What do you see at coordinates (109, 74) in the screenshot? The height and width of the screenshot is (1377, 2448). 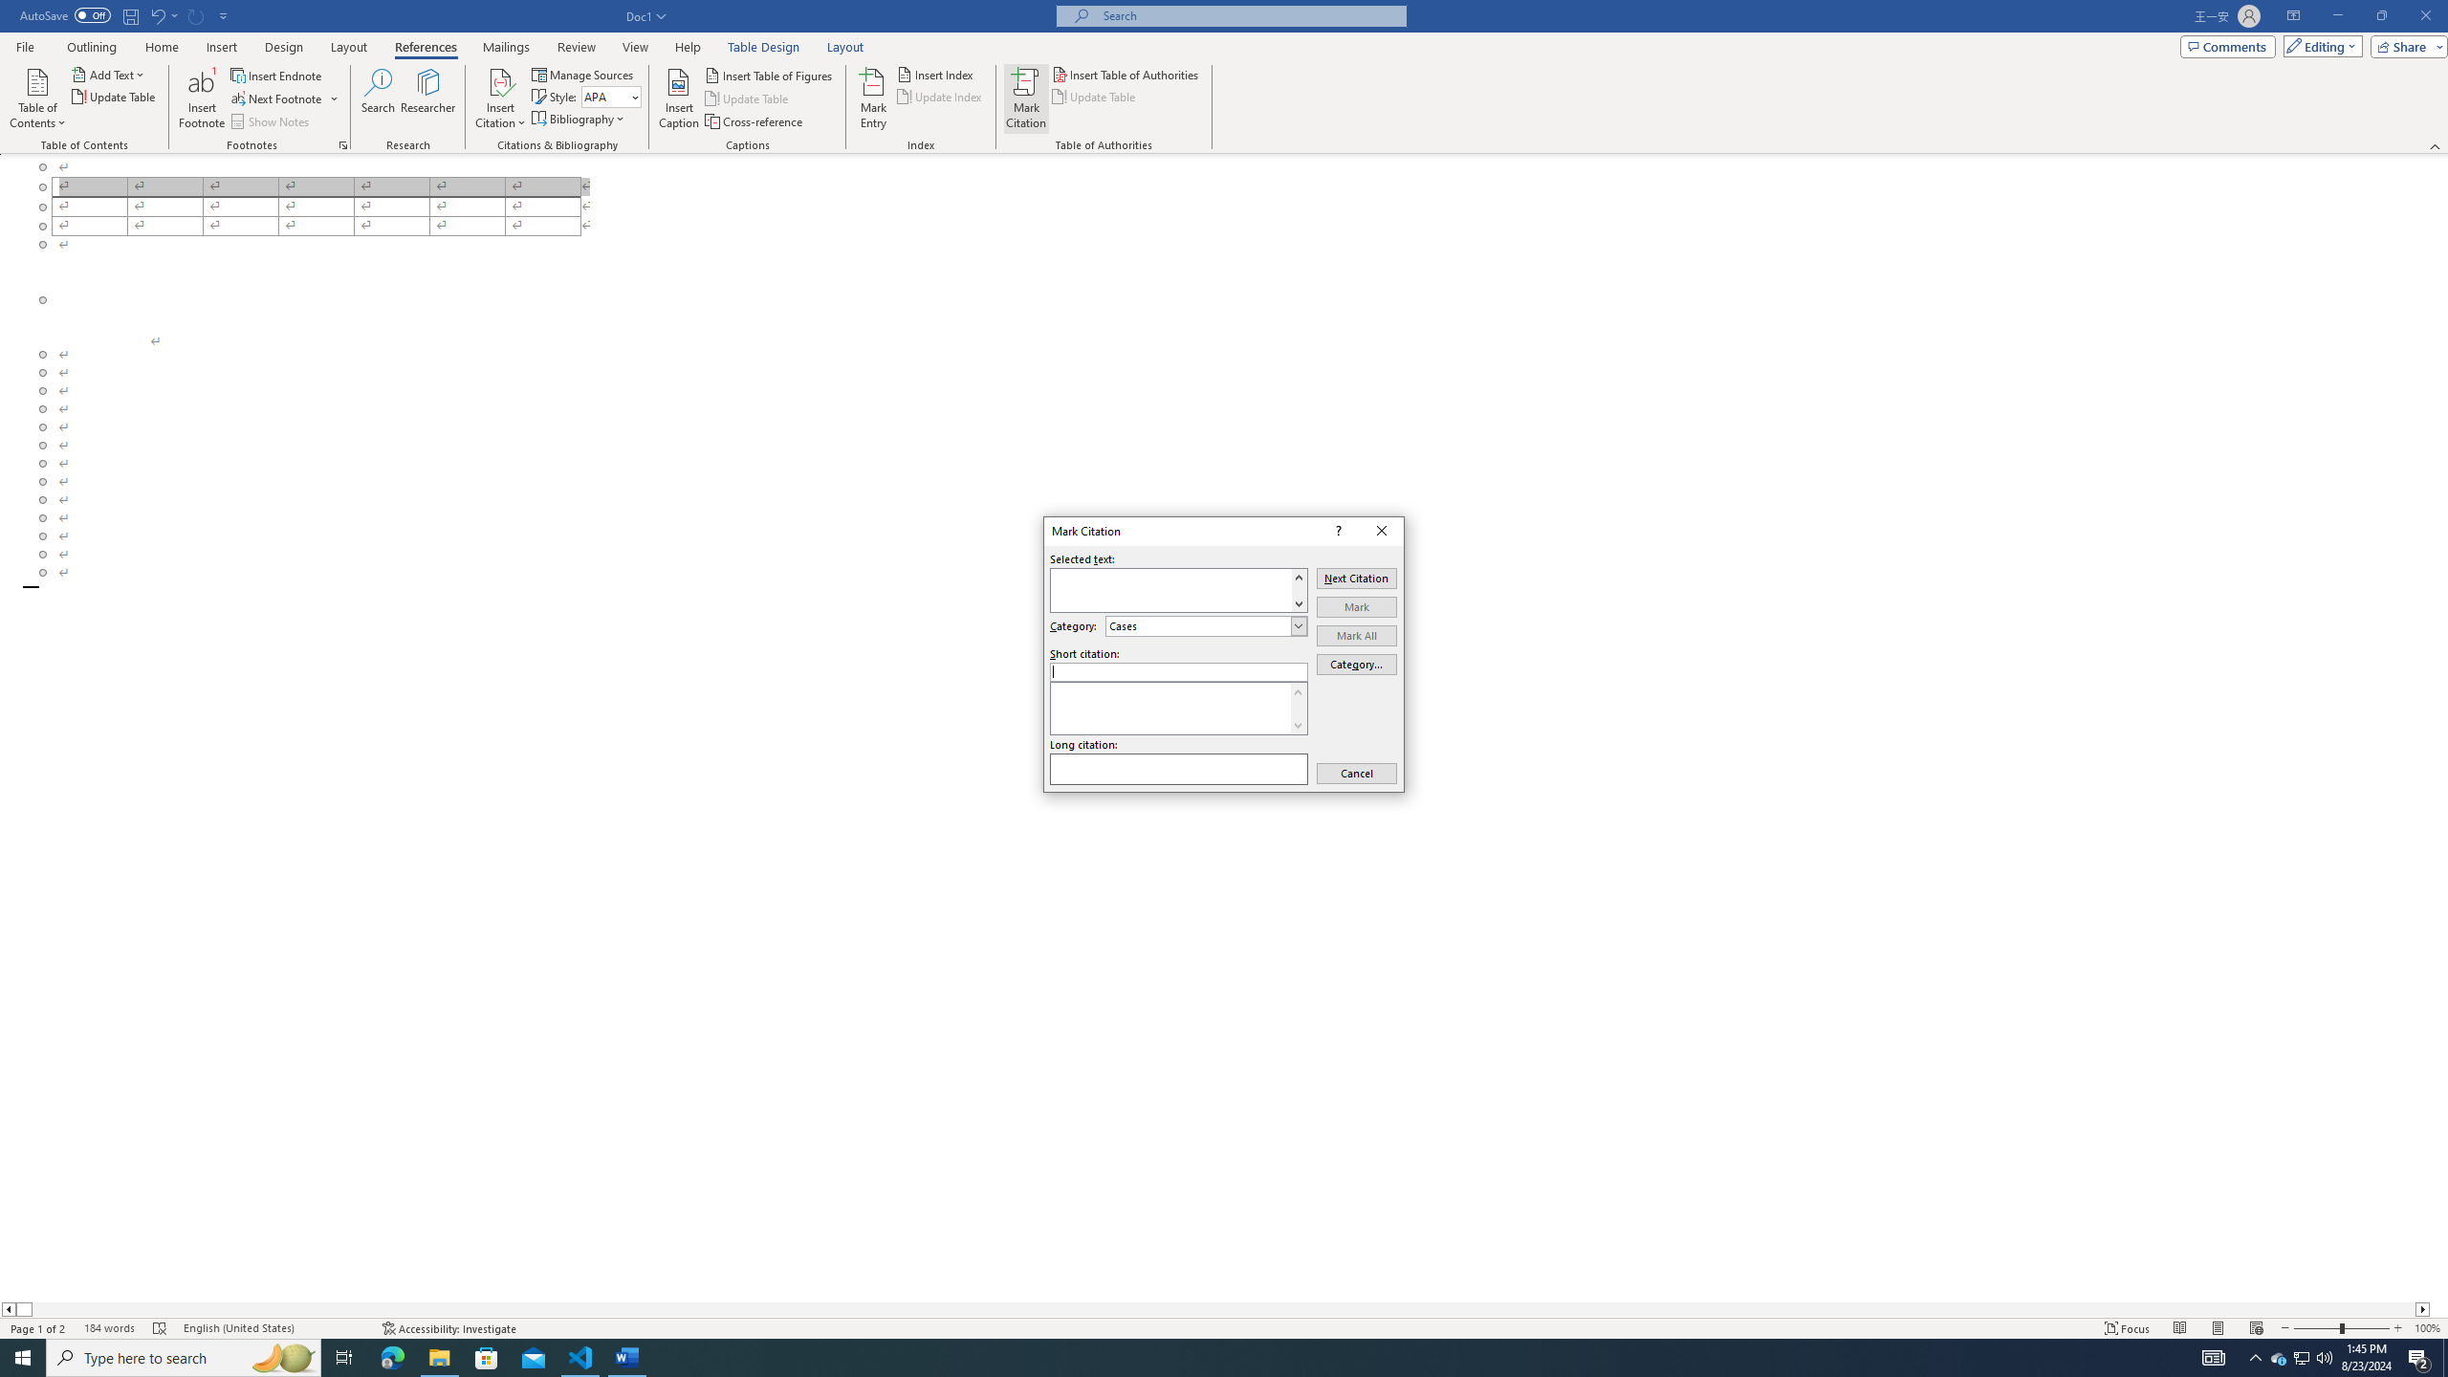 I see `'Add Text'` at bounding box center [109, 74].